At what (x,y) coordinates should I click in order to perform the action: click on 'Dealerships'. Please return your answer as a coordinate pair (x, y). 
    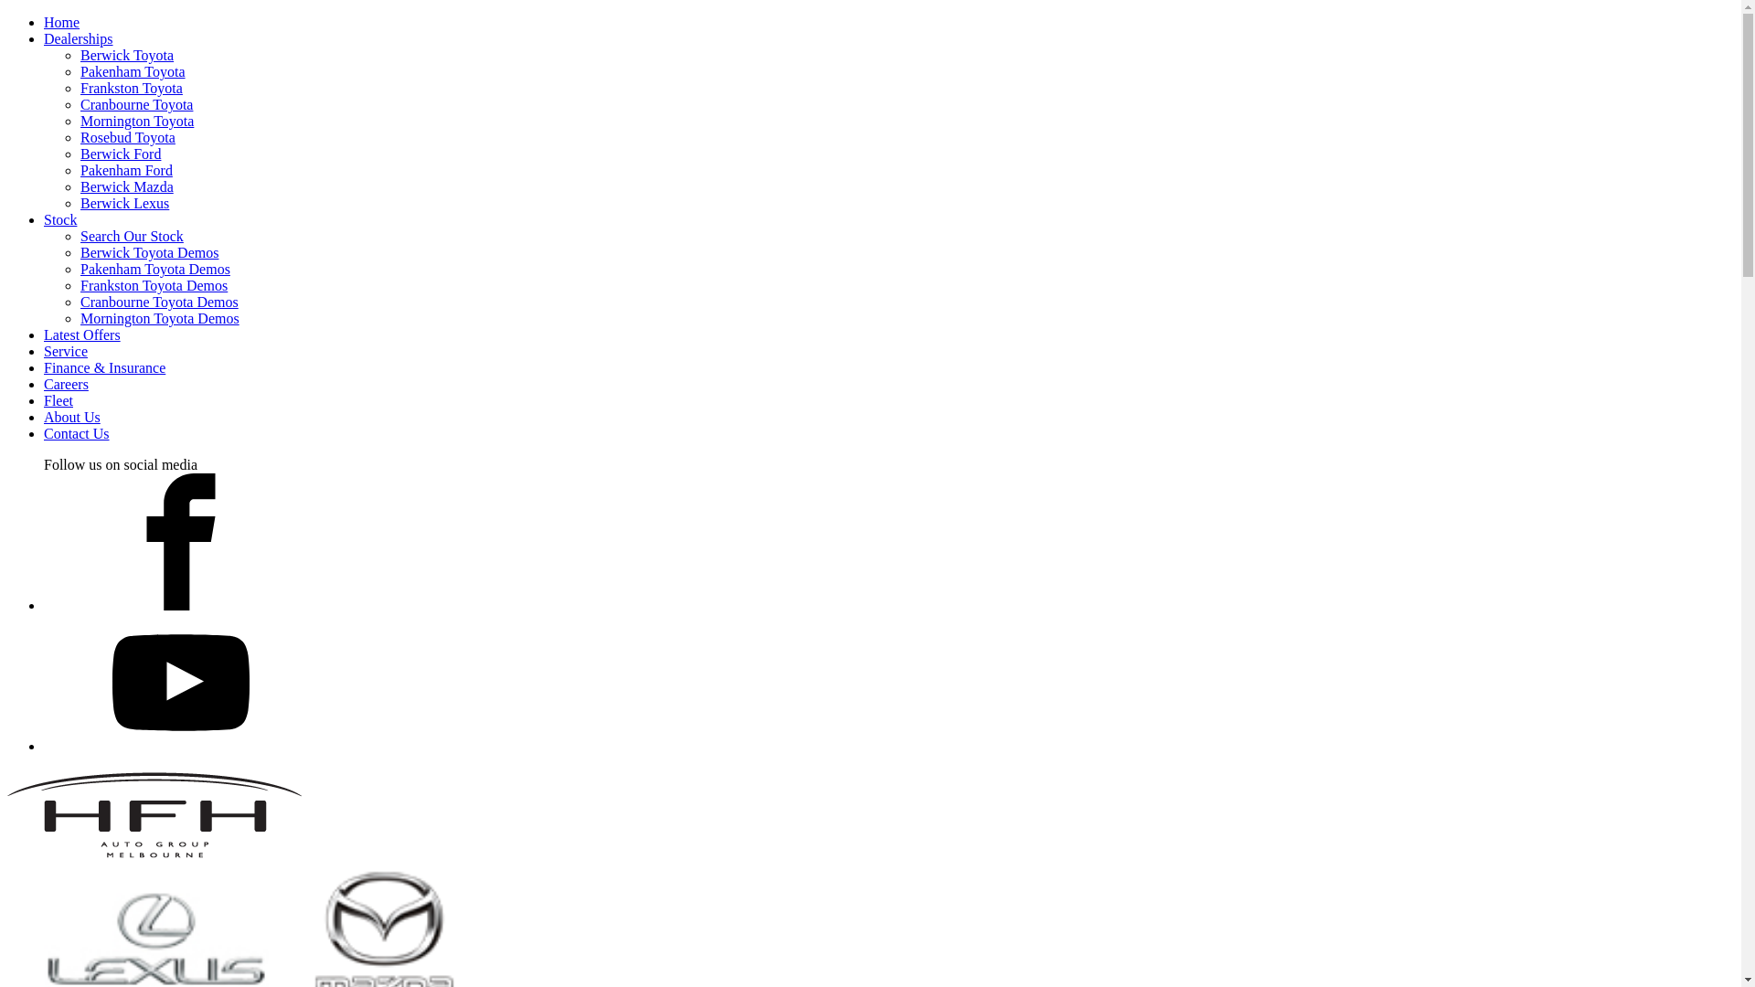
    Looking at the image, I should click on (78, 38).